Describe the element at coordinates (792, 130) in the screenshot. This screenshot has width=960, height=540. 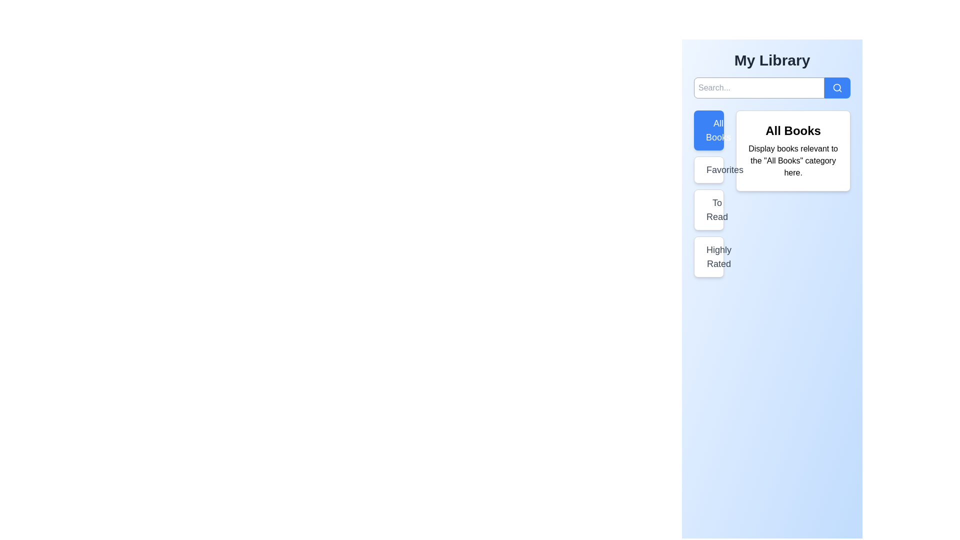
I see `the bold text label 'All Books' at the top right of the interface, which is styled prominently as a heading` at that location.